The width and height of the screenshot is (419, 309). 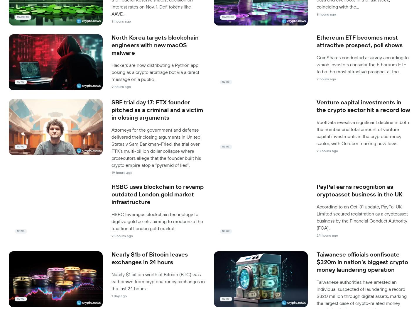 What do you see at coordinates (149, 258) in the screenshot?
I see `'Nearly $1b of Bitcoin leaves exchanges in 24 hours'` at bounding box center [149, 258].